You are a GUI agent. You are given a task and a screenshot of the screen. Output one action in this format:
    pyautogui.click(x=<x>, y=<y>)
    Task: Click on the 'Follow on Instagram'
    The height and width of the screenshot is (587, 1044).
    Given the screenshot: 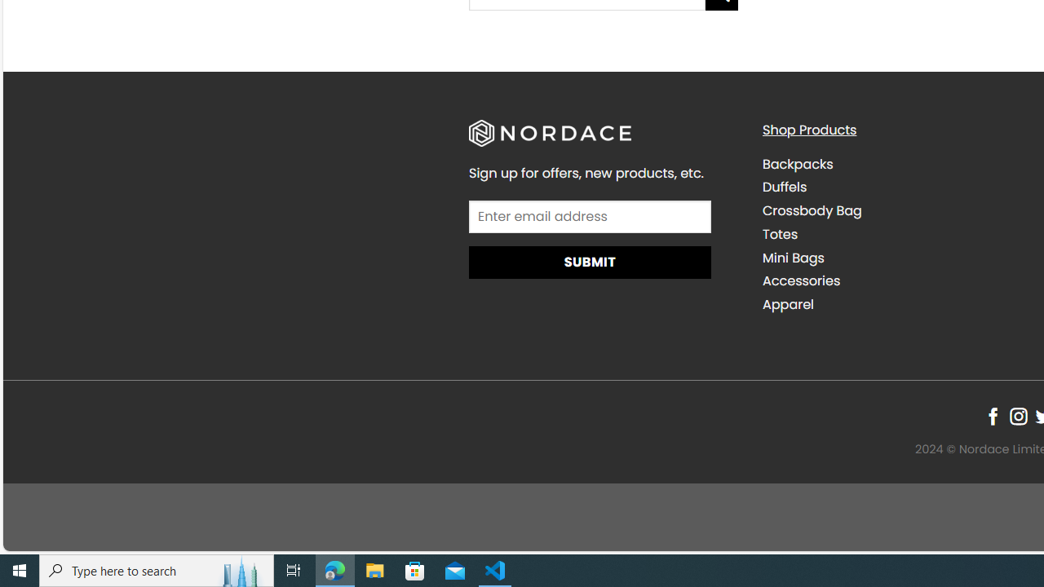 What is the action you would take?
    pyautogui.click(x=1017, y=416)
    